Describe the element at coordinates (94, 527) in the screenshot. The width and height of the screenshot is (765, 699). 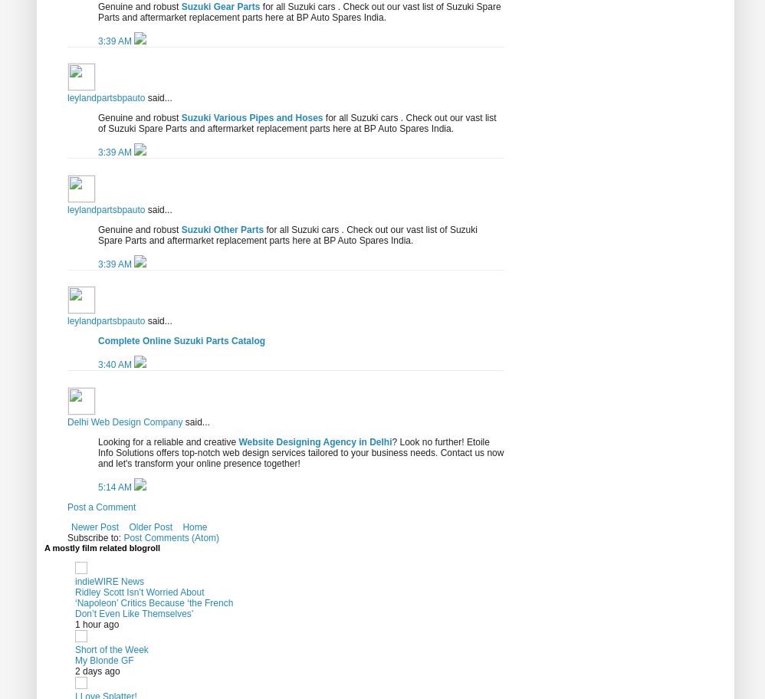
I see `'Newer Post'` at that location.